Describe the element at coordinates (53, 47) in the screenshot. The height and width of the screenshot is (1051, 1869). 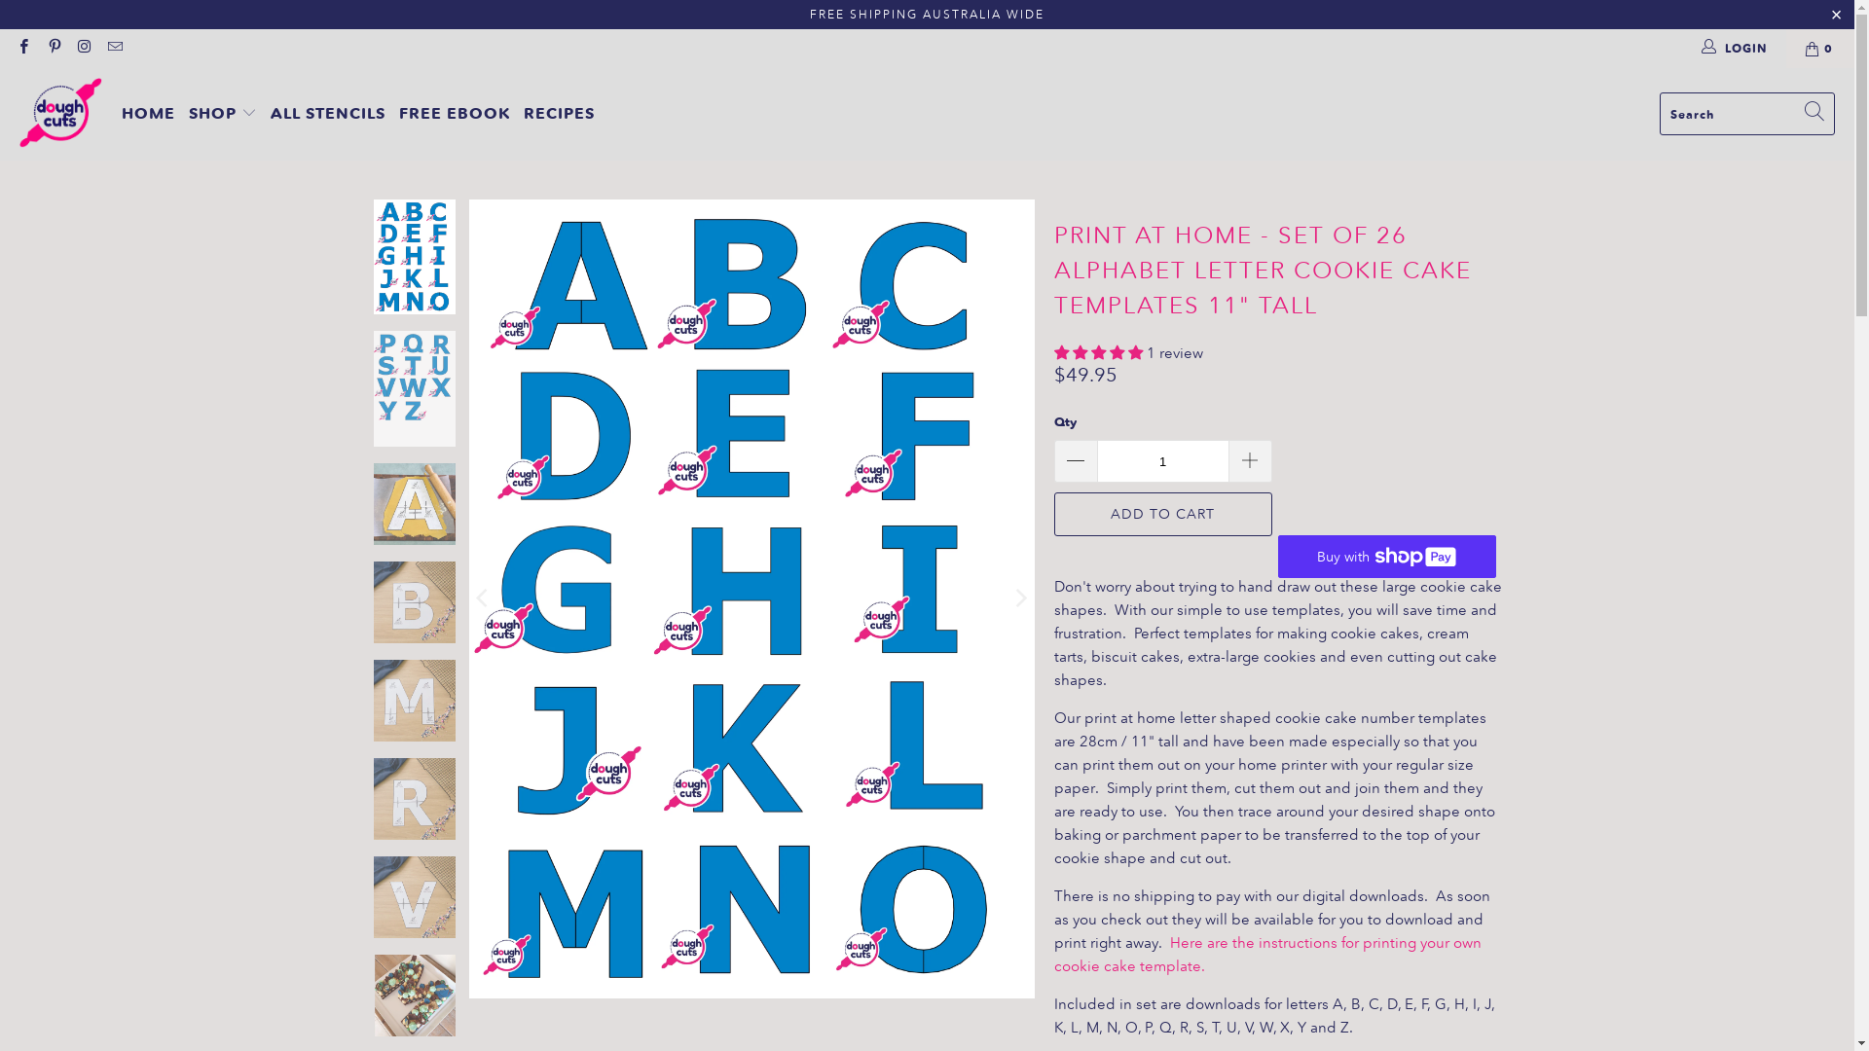
I see `'DoughCuts on Pinterest'` at that location.